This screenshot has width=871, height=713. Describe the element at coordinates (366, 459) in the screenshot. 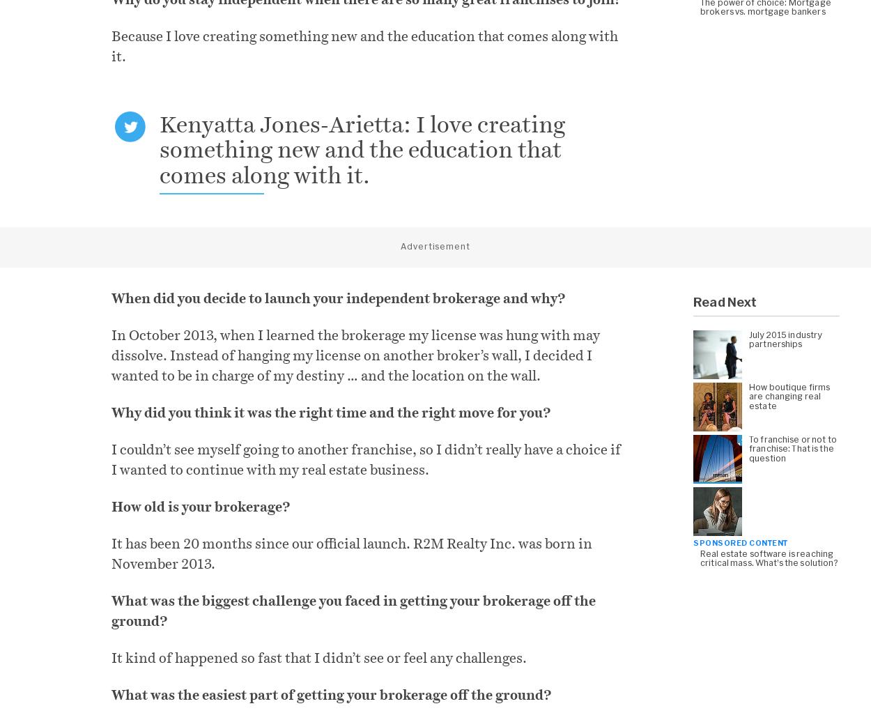

I see `'I couldn’t see myself going to another franchise, so I didn’t really have a choice if I wanted to continue with my real estate business.'` at that location.